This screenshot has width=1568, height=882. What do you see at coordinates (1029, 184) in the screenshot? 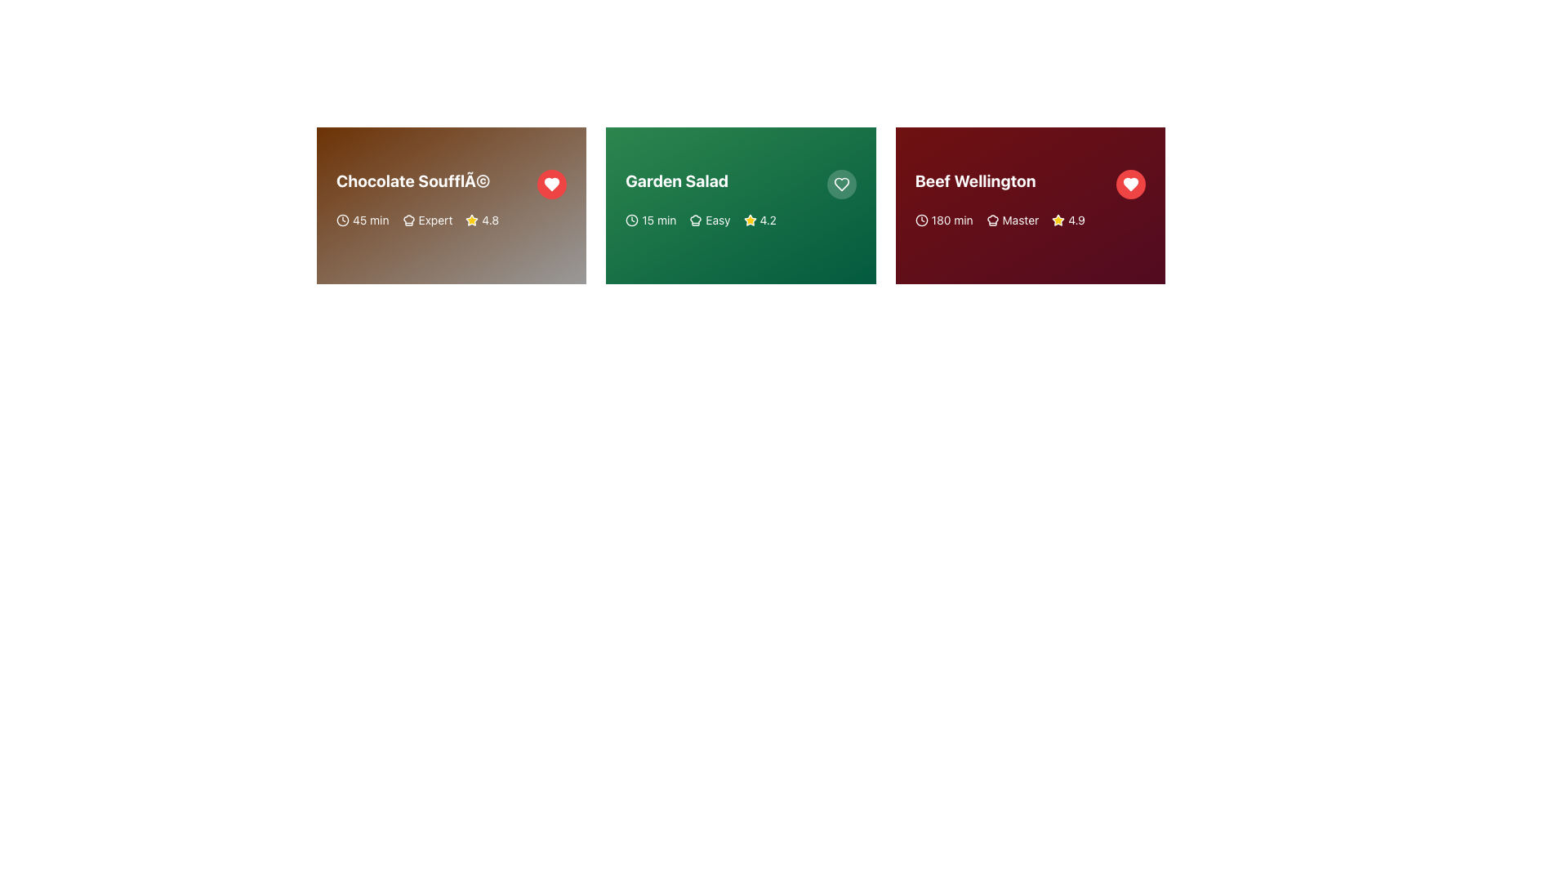
I see `text of the title label for the Beef Wellington recipe, which is positioned at the top left of its card, above the duration and rating details` at bounding box center [1029, 184].